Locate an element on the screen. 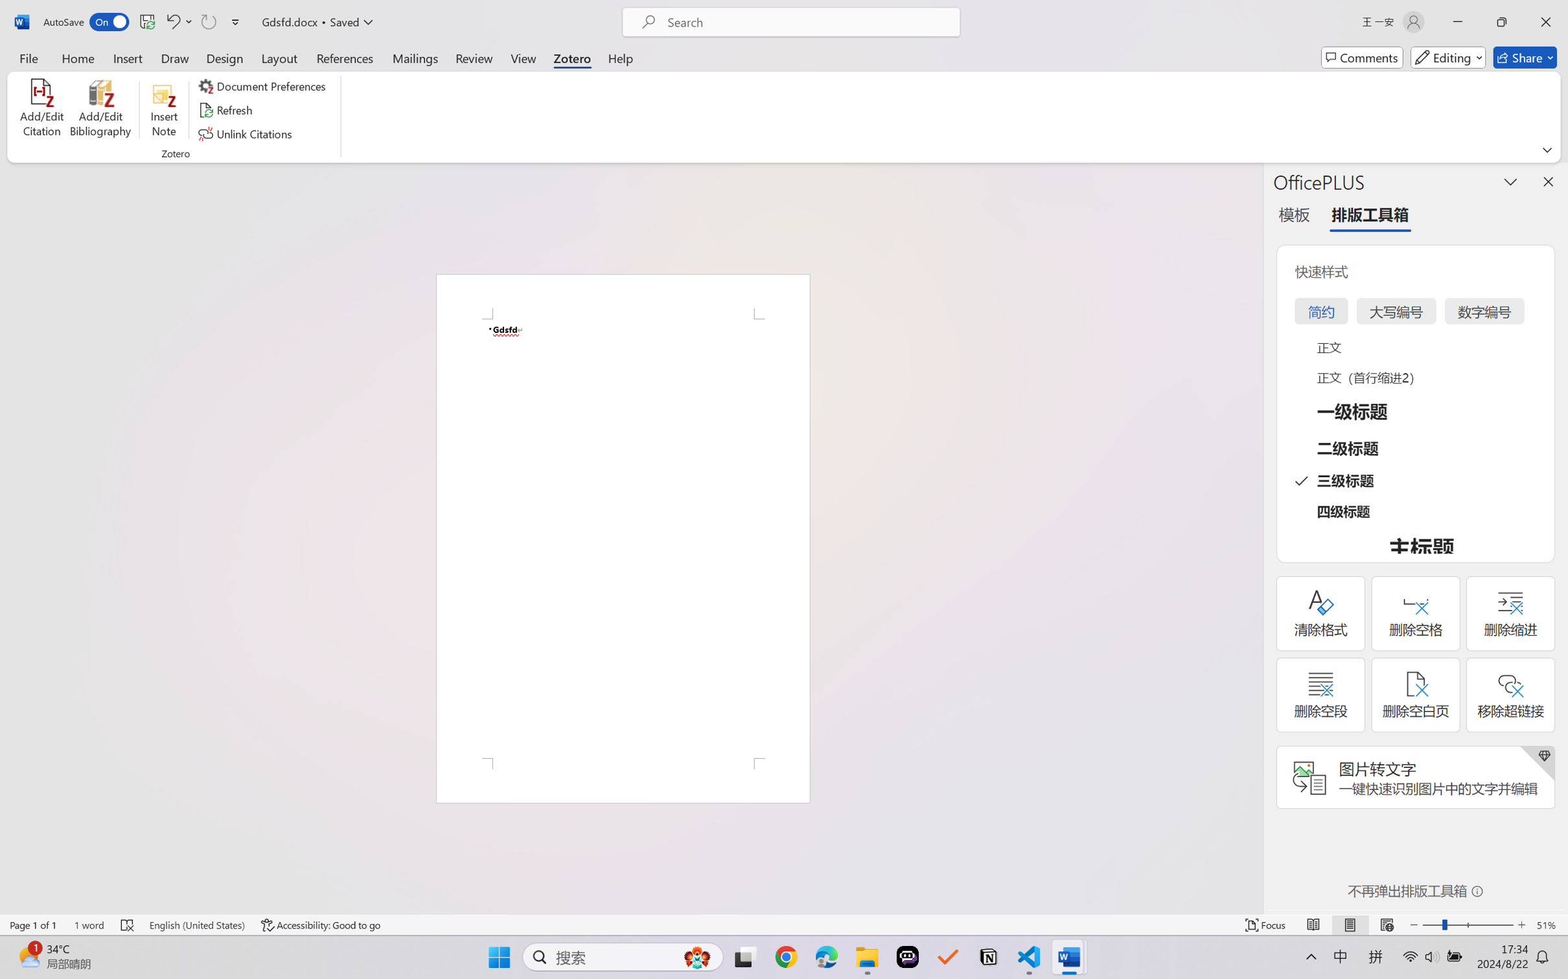 The width and height of the screenshot is (1568, 979). 'Zoom 51%' is located at coordinates (1549, 925).